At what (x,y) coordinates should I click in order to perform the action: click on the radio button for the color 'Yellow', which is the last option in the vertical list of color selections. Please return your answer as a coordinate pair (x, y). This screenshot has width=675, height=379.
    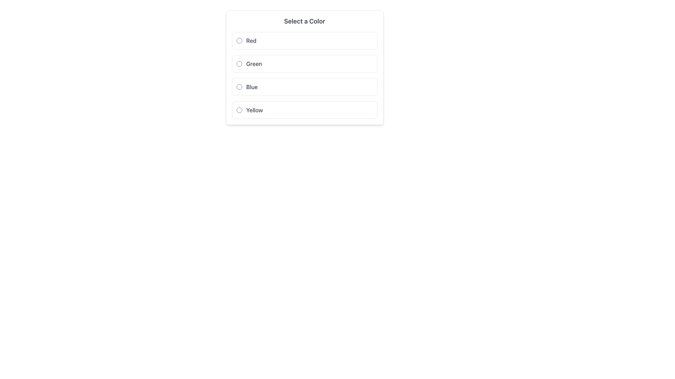
    Looking at the image, I should click on (304, 110).